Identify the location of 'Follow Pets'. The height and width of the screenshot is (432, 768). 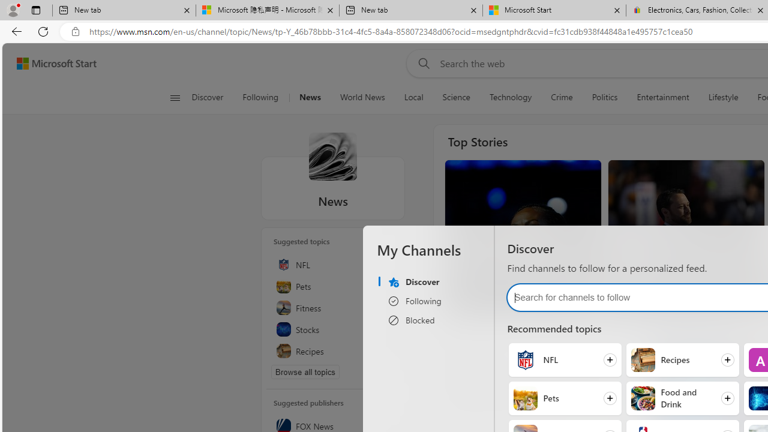
(564, 398).